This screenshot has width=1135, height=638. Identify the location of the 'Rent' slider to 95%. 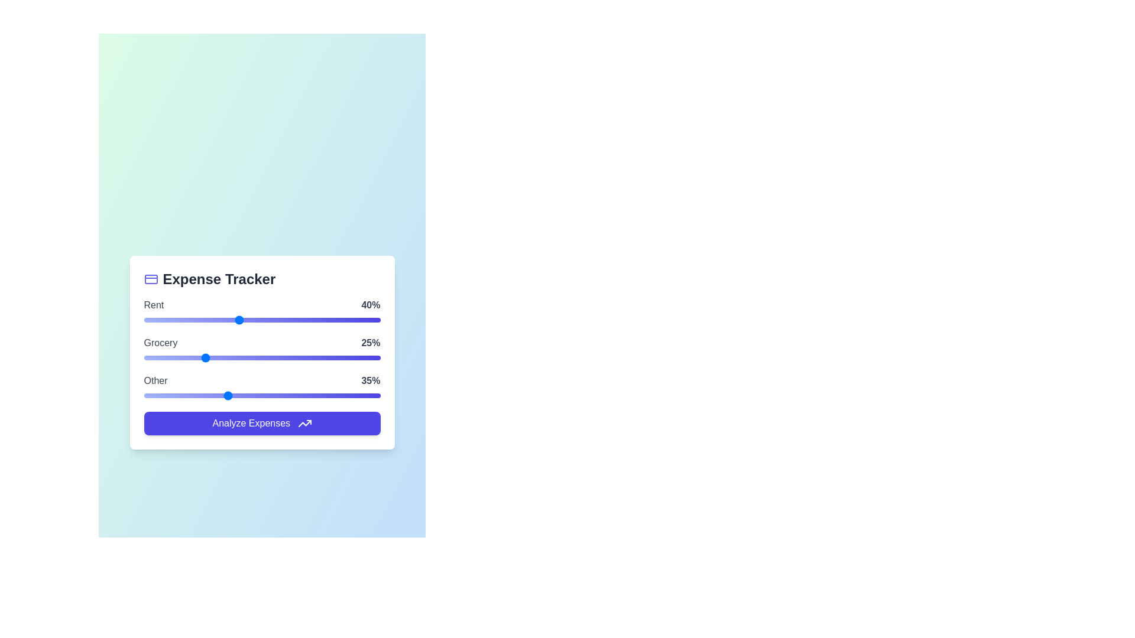
(368, 320).